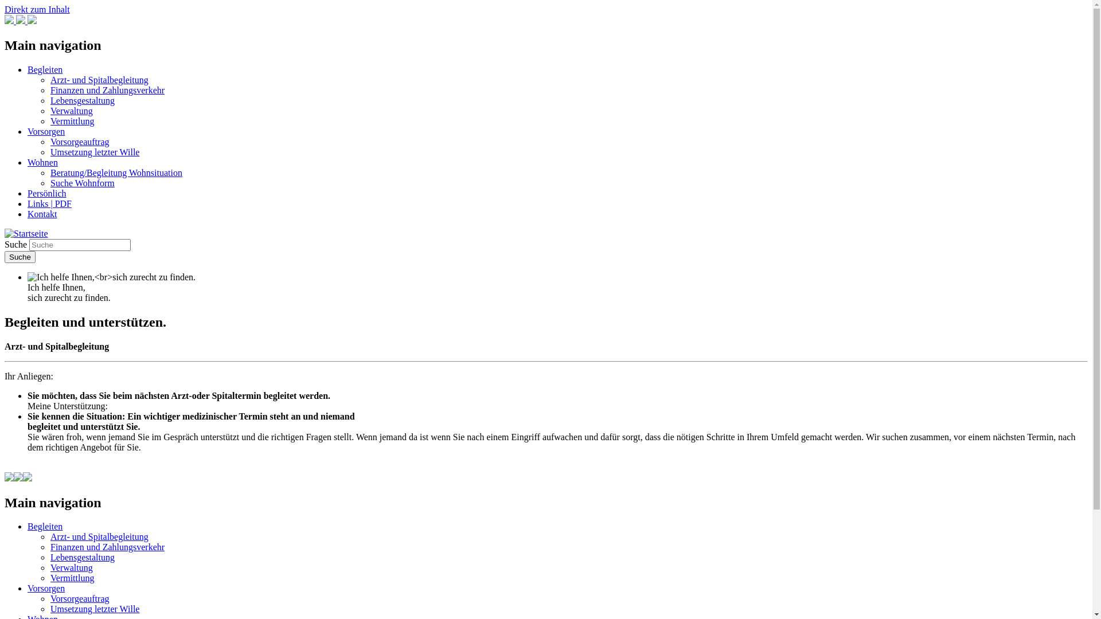 This screenshot has height=619, width=1101. Describe the element at coordinates (46, 131) in the screenshot. I see `'Vorsorgen'` at that location.